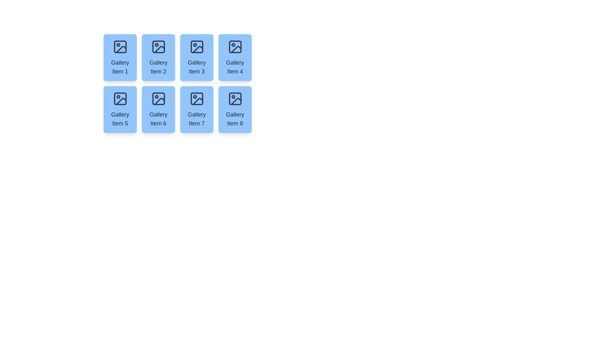 This screenshot has height=342, width=608. Describe the element at coordinates (235, 46) in the screenshot. I see `the rounded rectangle element that represents an image placeholder, located in the fourth icon of the grid layout` at that location.